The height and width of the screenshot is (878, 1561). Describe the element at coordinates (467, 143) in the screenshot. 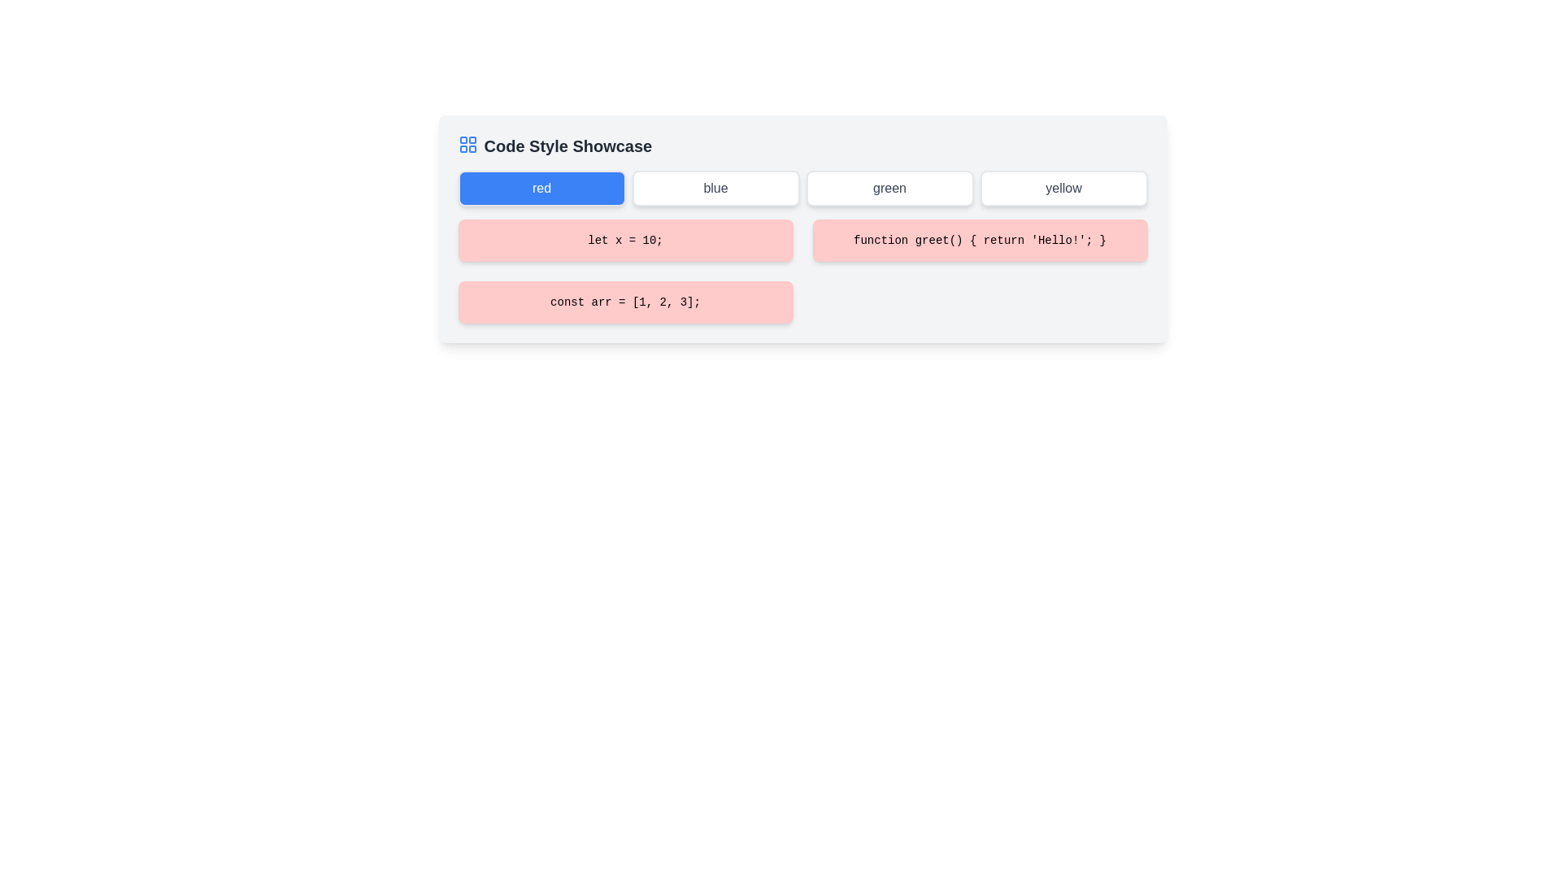

I see `the grid icon button located at the top left corner of the 'Code Style Showcase' section` at that location.